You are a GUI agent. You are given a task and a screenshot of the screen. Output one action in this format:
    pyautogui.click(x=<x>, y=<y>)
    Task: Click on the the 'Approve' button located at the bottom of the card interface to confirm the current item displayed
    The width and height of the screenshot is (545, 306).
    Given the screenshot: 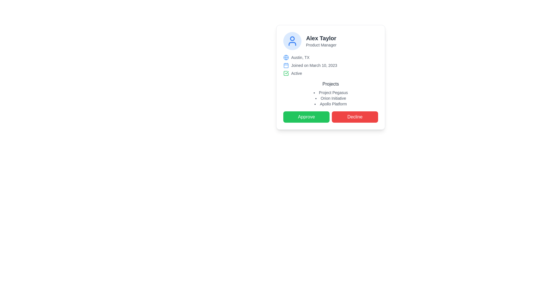 What is the action you would take?
    pyautogui.click(x=306, y=116)
    